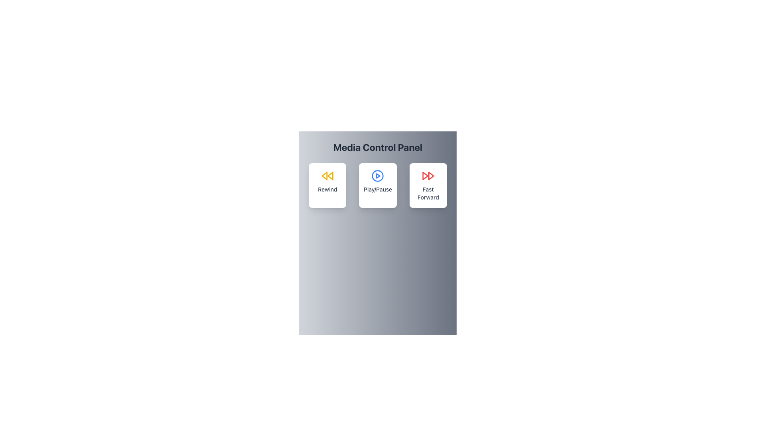  What do you see at coordinates (428, 176) in the screenshot?
I see `the fast-forward icon located at the top of the 'Fast Forward' card in the horizontal arrangement of media controls` at bounding box center [428, 176].